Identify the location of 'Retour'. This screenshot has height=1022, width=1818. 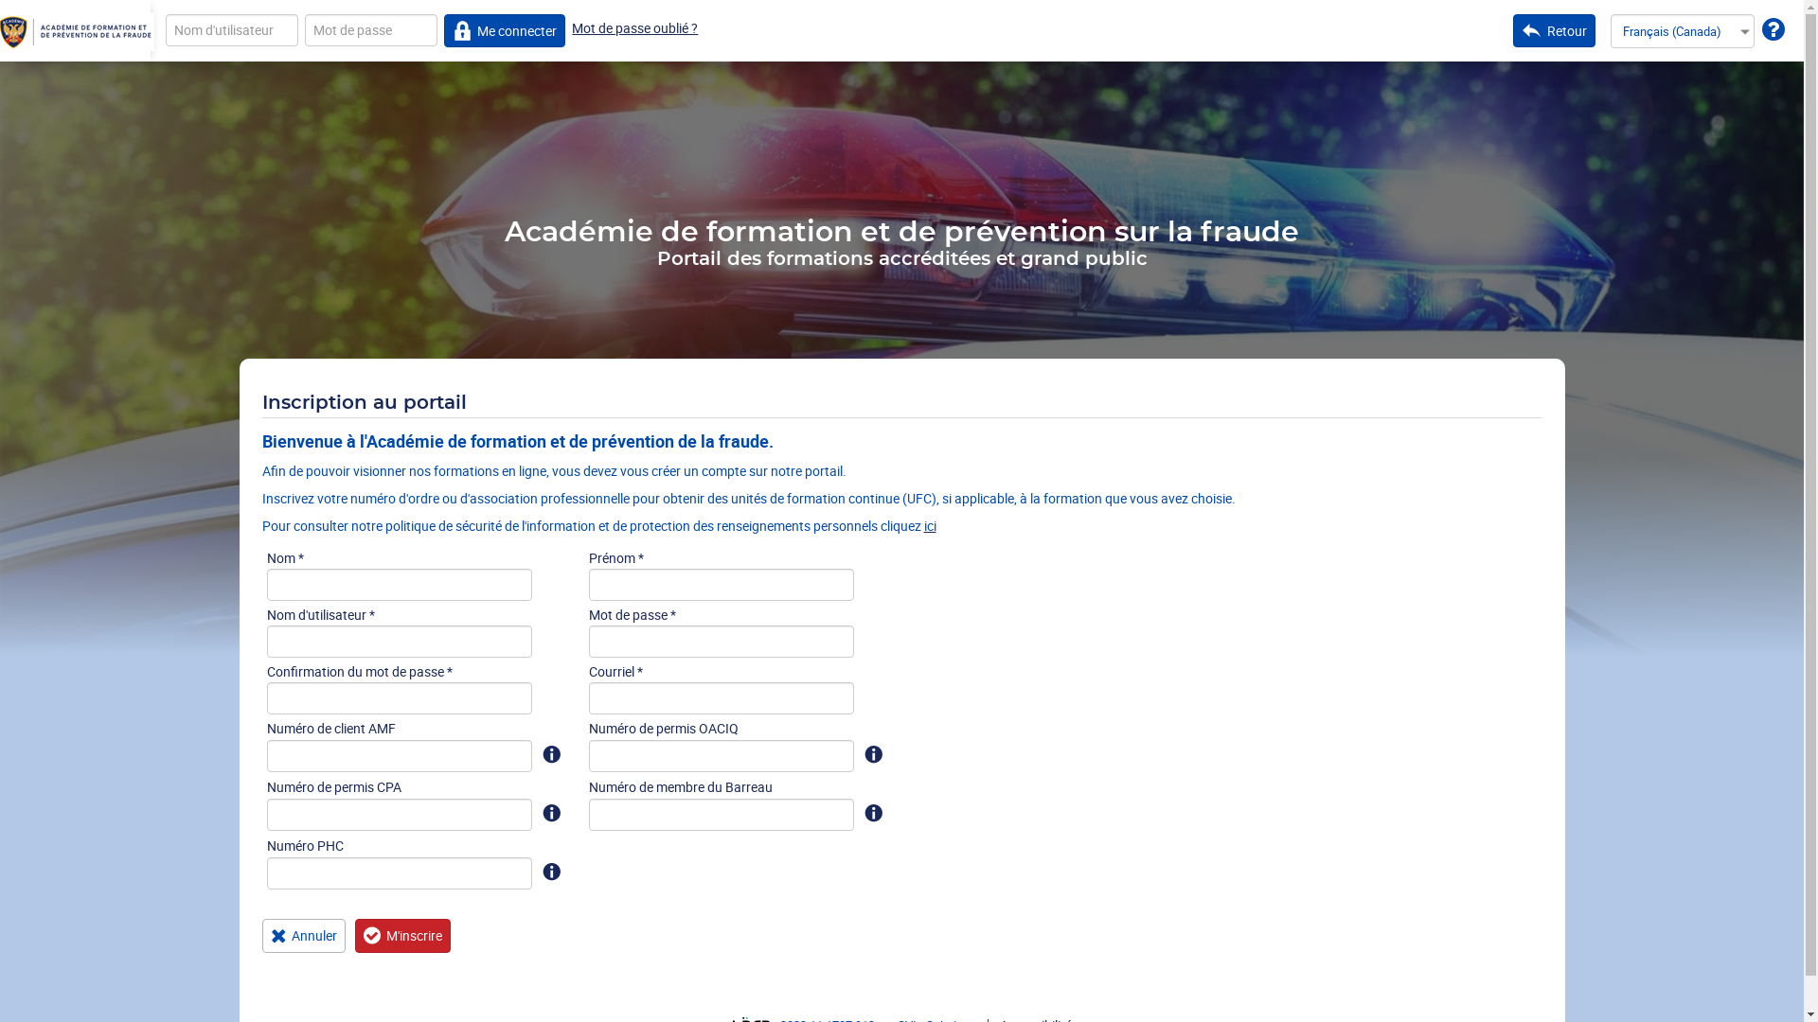
(1554, 29).